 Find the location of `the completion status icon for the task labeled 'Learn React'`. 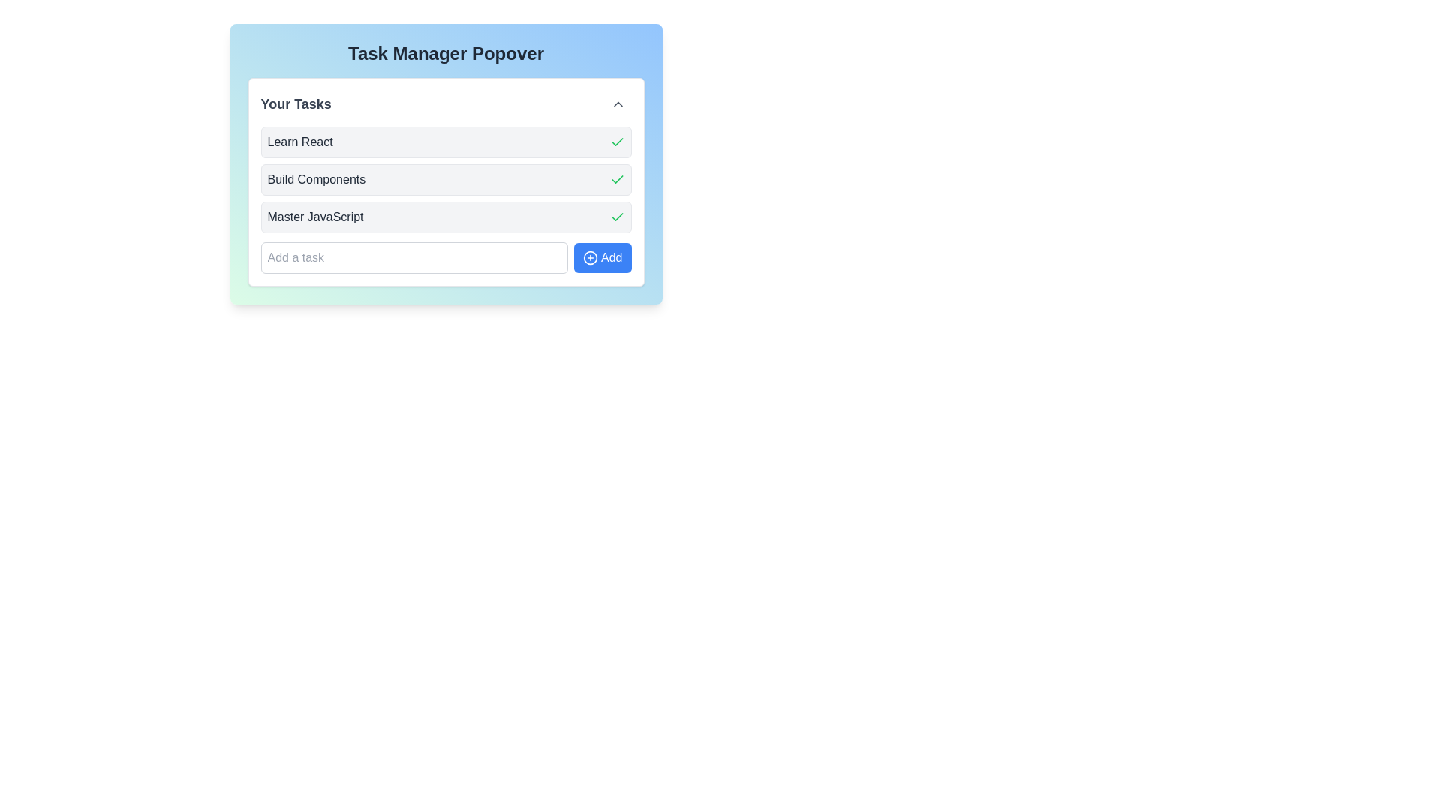

the completion status icon for the task labeled 'Learn React' is located at coordinates (617, 142).